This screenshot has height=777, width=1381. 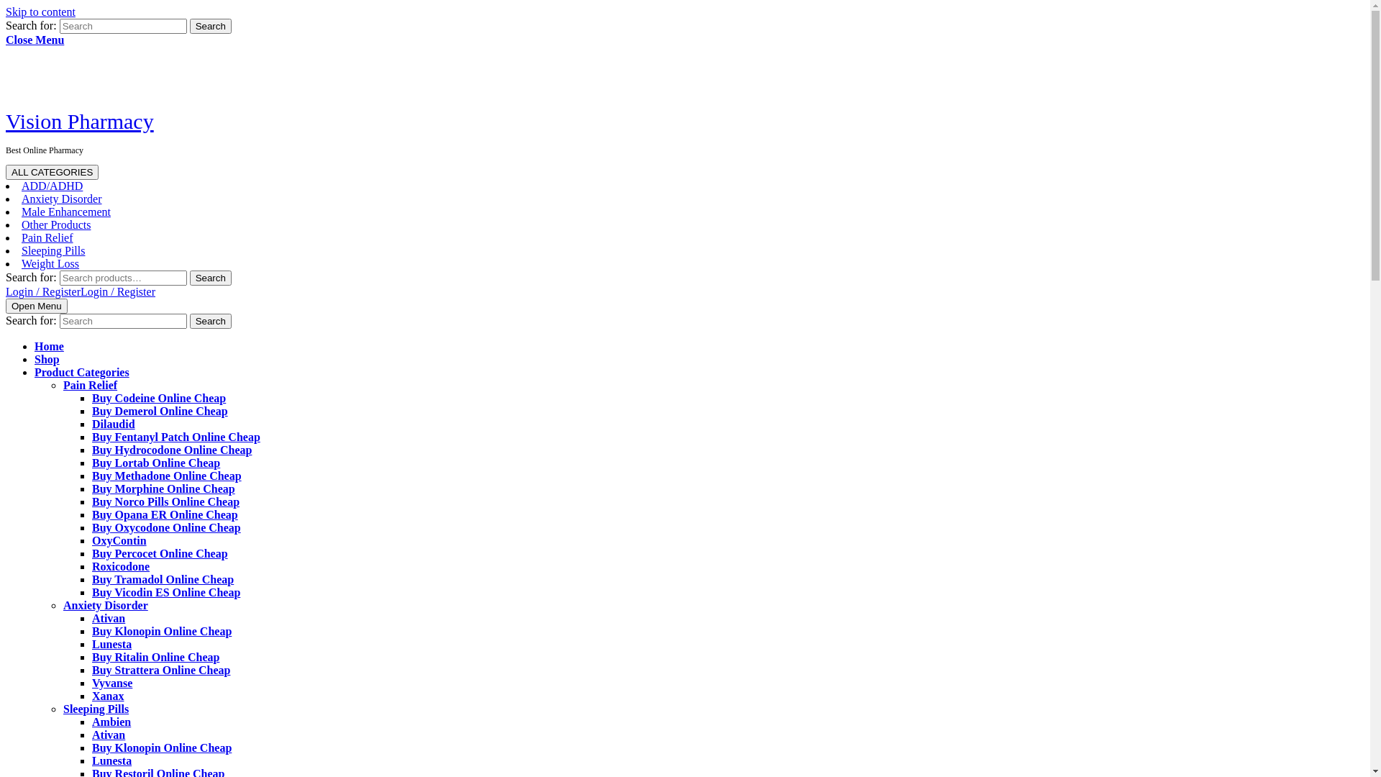 What do you see at coordinates (49, 346) in the screenshot?
I see `'Home'` at bounding box center [49, 346].